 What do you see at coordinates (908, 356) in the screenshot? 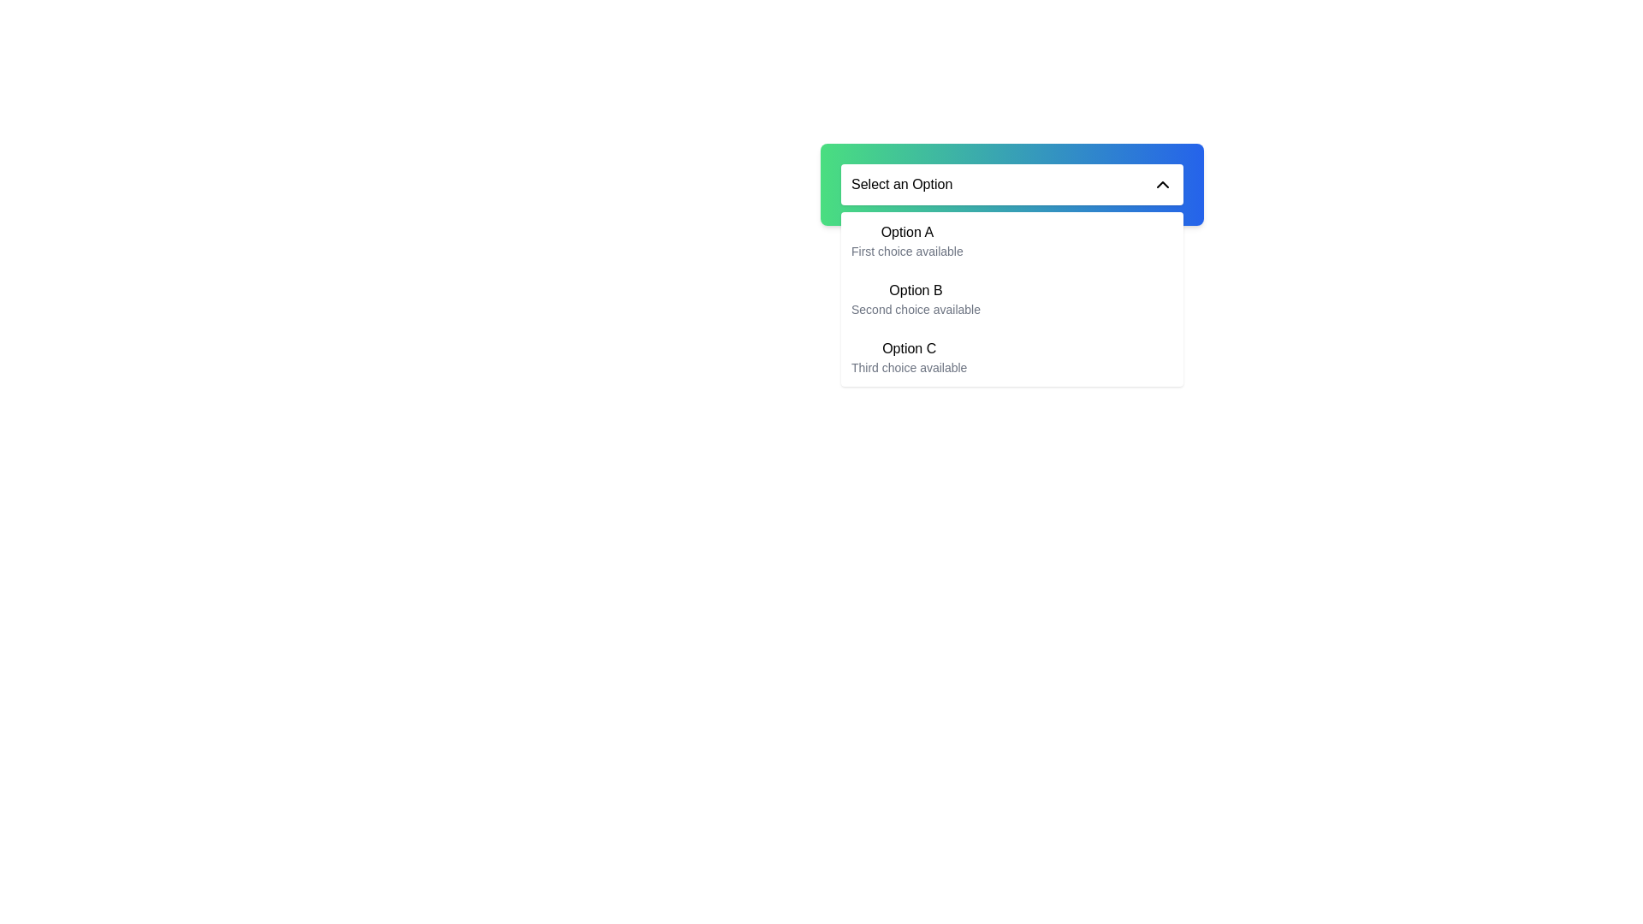
I see `the dropdown list option item titled 'Option C' which includes the description 'Third choice available'` at bounding box center [908, 356].